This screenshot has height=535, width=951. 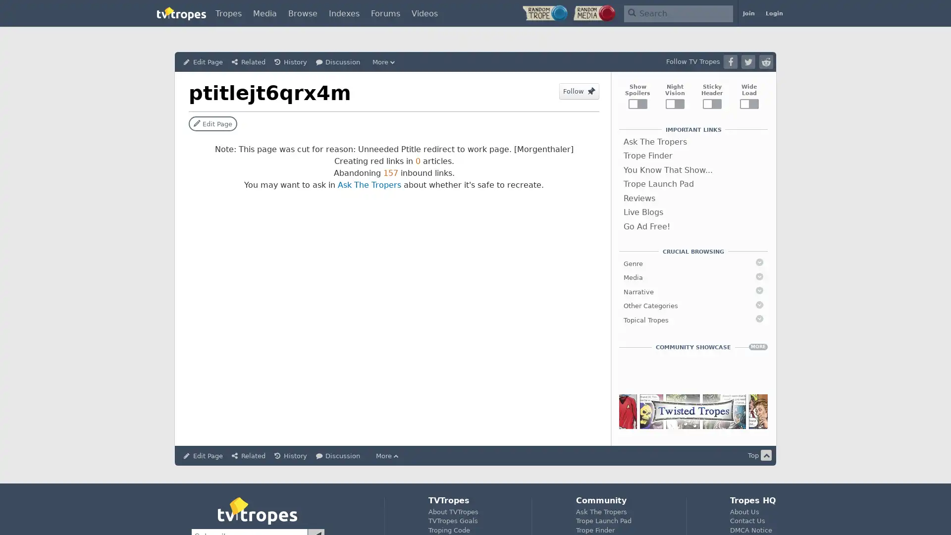 I want to click on More, so click(x=388, y=456).